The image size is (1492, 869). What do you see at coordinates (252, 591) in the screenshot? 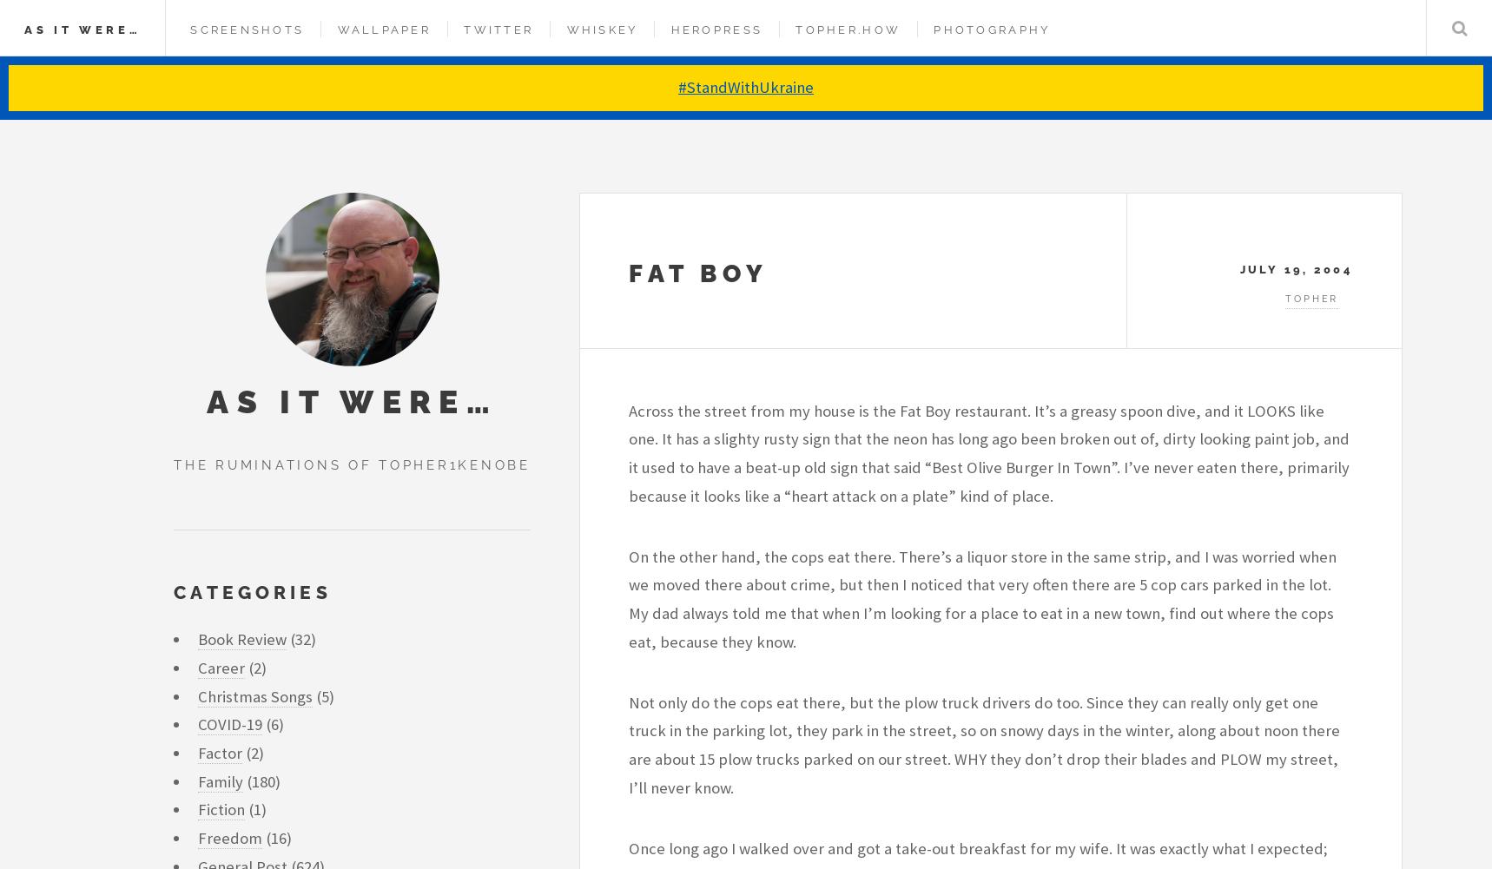
I see `'Categories'` at bounding box center [252, 591].